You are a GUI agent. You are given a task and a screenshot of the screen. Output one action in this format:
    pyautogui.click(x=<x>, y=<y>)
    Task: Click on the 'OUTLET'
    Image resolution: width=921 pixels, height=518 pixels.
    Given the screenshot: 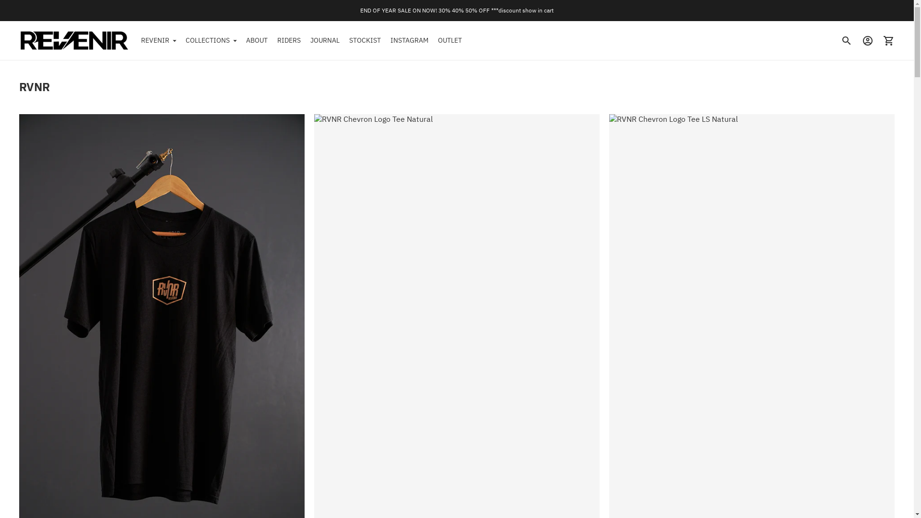 What is the action you would take?
    pyautogui.click(x=449, y=40)
    